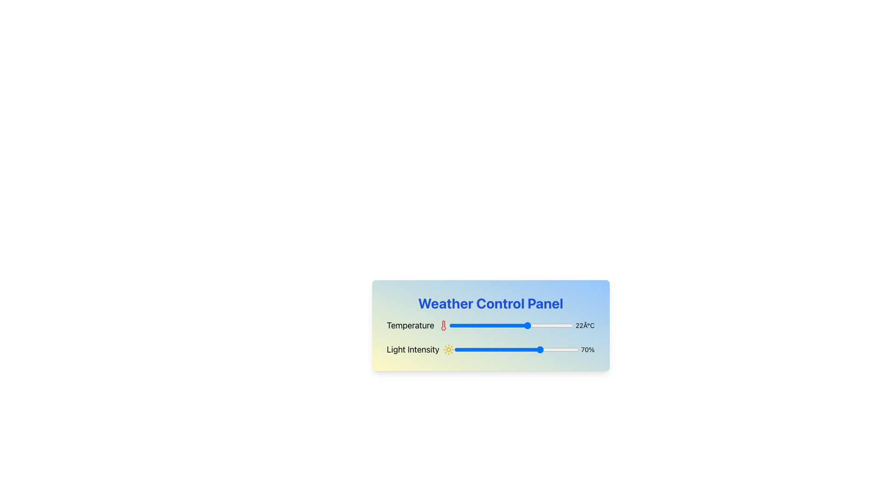 The image size is (891, 501). Describe the element at coordinates (540, 349) in the screenshot. I see `light intensity` at that location.